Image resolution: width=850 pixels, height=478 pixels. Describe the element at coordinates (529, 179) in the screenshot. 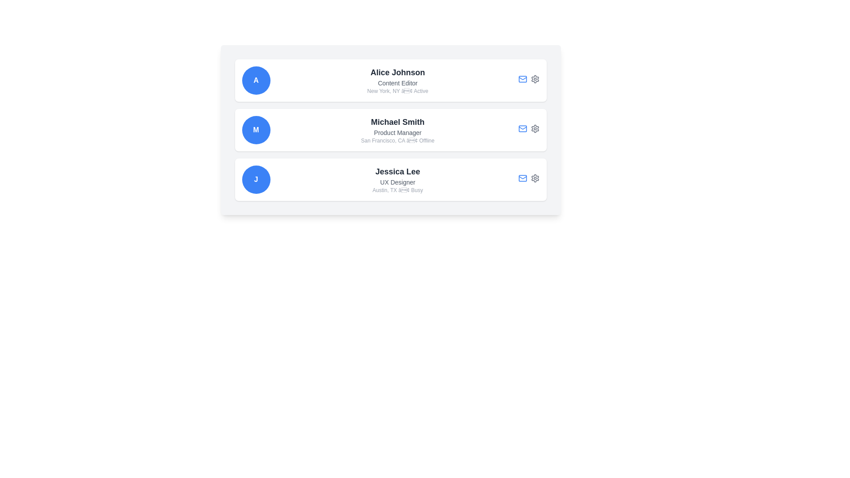

I see `the central circle in the composite component containing the envelope and gear icons for 'Jessica Lee - UX Designer'` at that location.